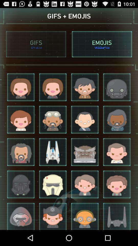 This screenshot has width=138, height=246. Describe the element at coordinates (85, 120) in the screenshot. I see `the third image in the second row` at that location.